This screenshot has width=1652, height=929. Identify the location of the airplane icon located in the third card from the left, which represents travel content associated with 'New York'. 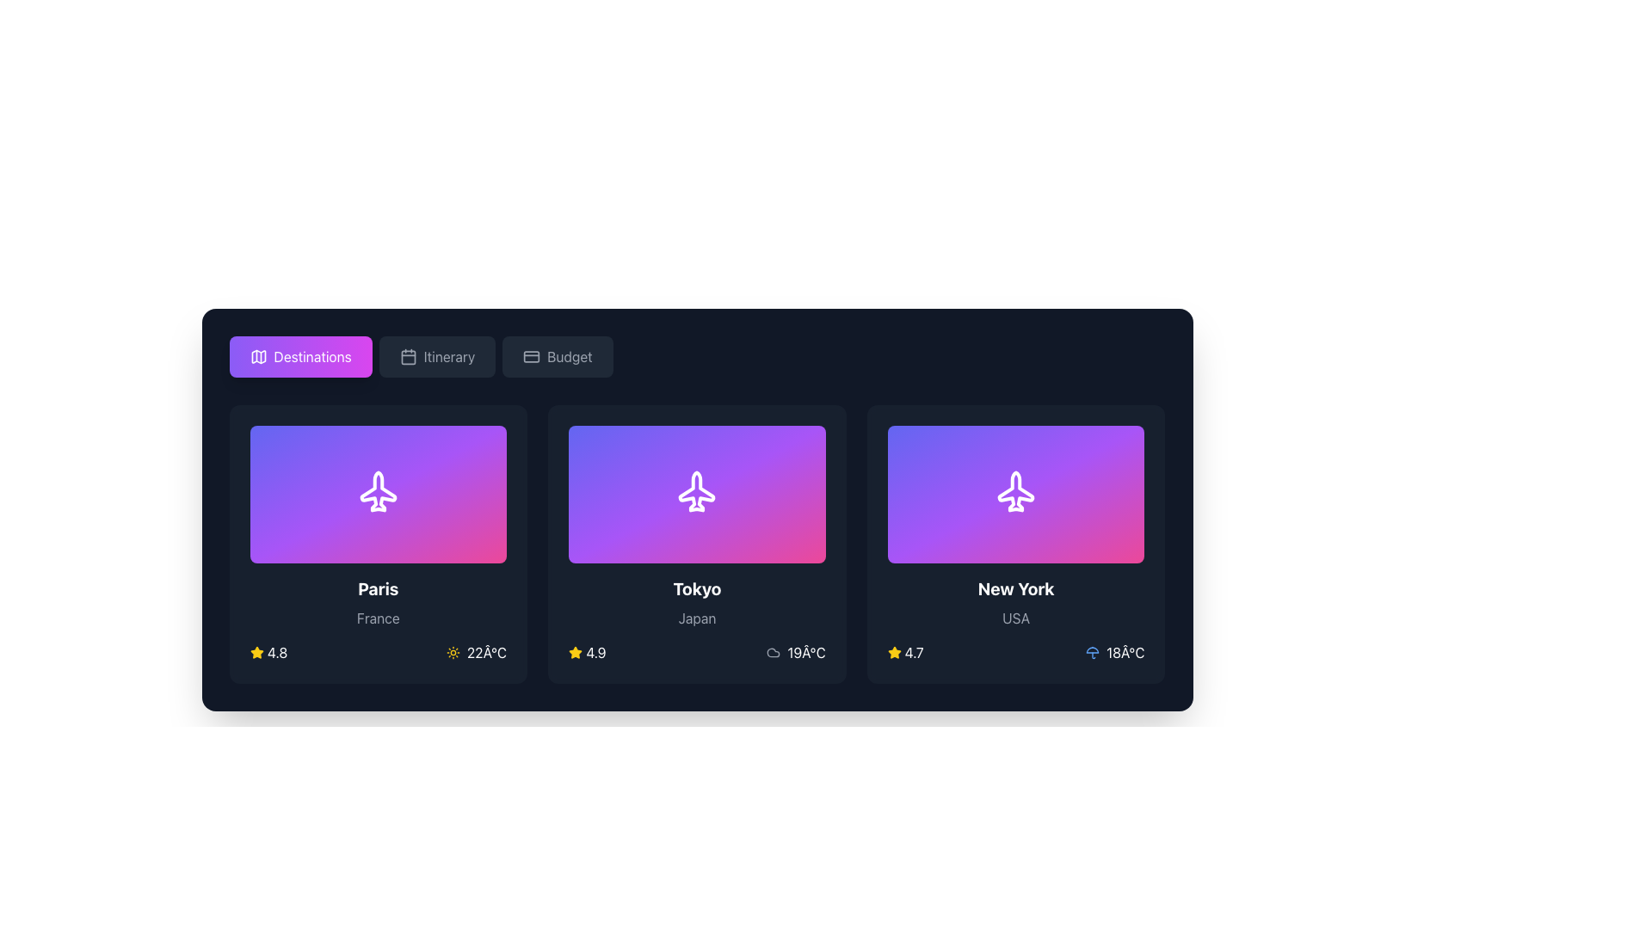
(1016, 494).